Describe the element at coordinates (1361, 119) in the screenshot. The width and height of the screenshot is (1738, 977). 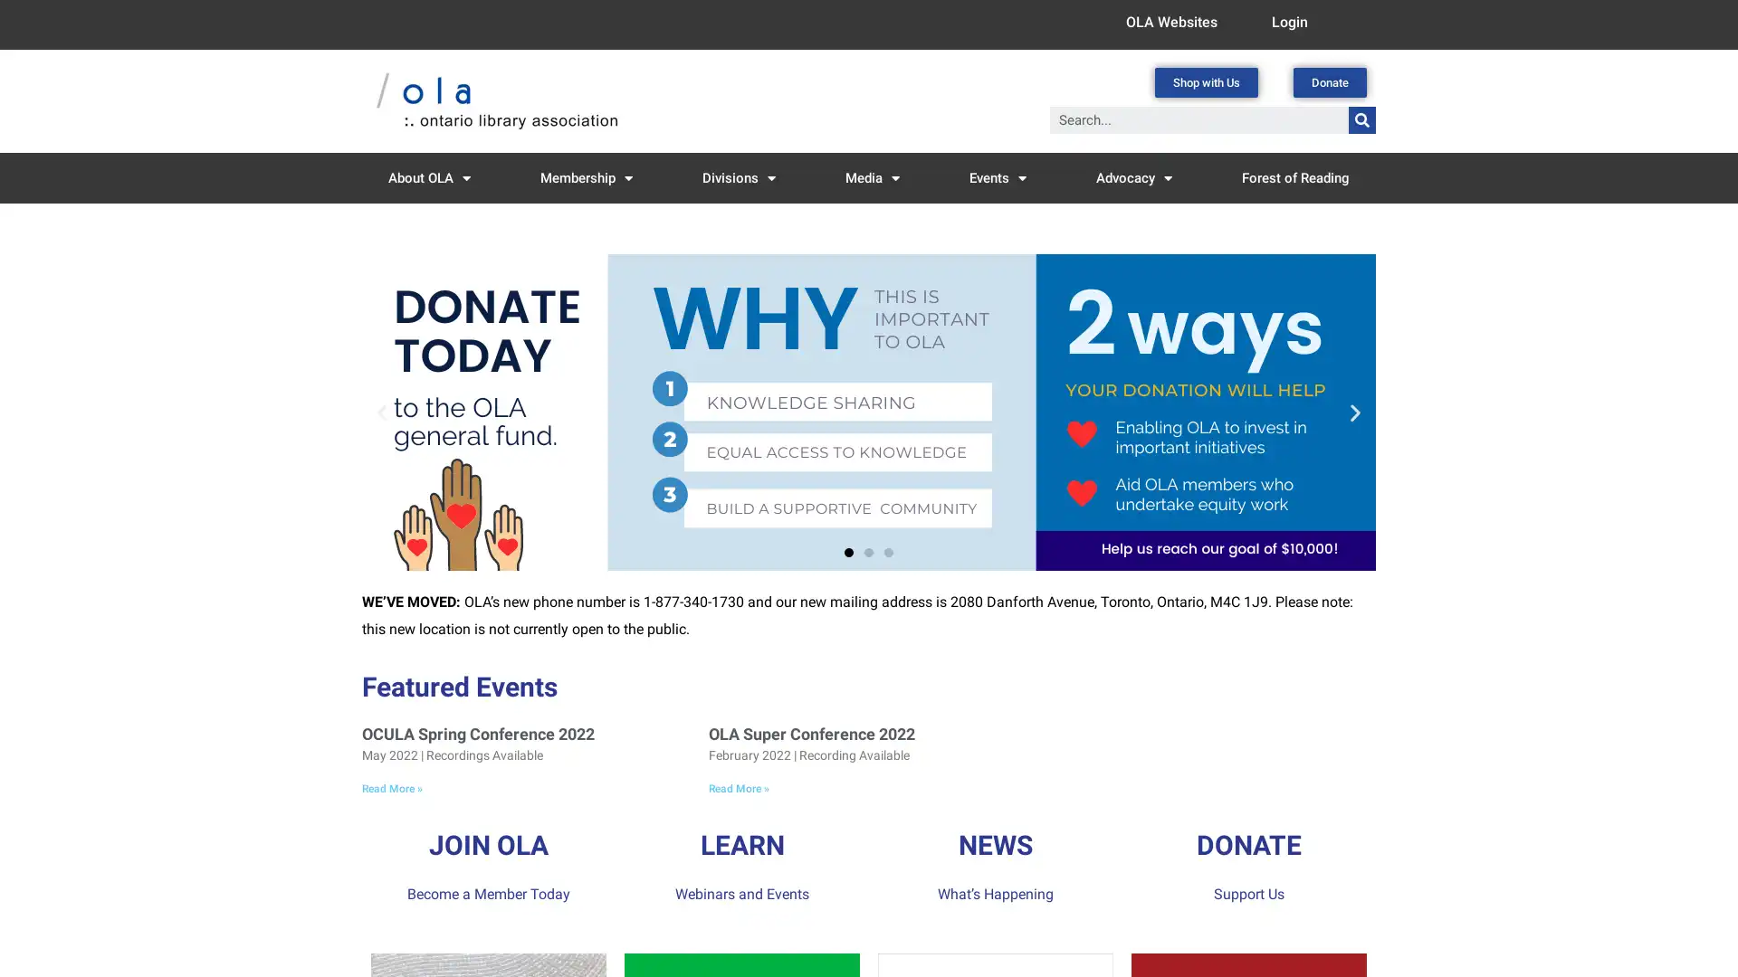
I see `Search` at that location.